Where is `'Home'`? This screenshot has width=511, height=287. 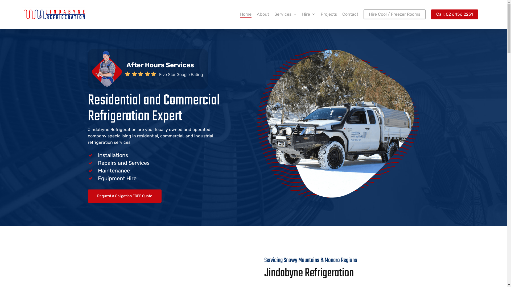 'Home' is located at coordinates (240, 14).